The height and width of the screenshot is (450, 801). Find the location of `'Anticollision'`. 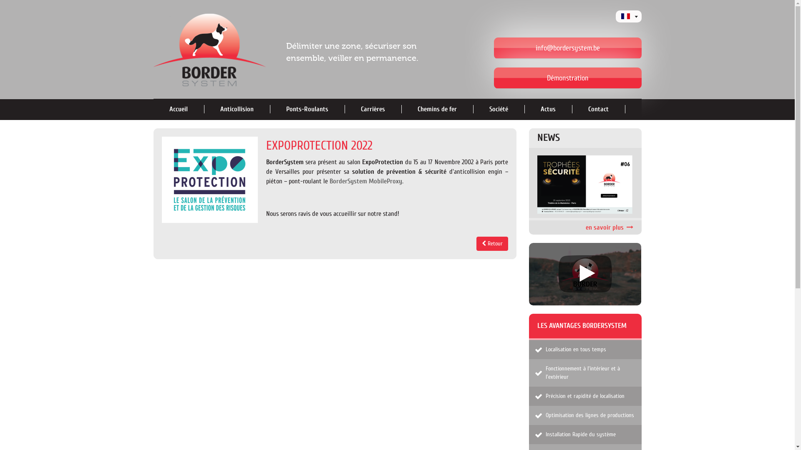

'Anticollision' is located at coordinates (236, 109).